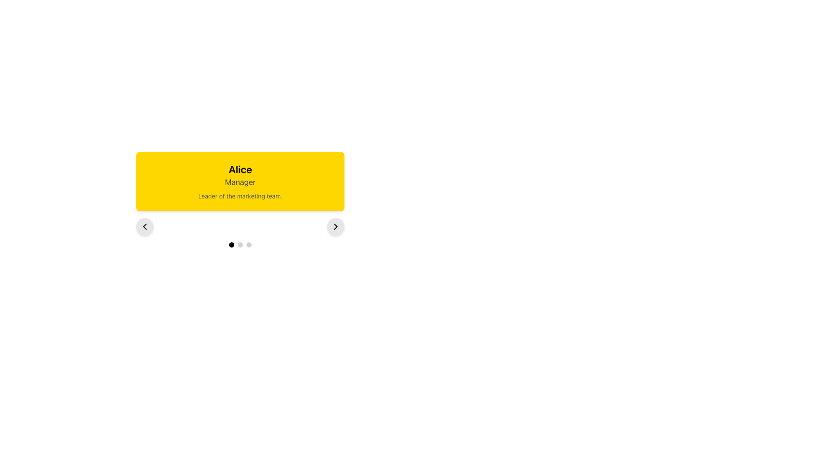  What do you see at coordinates (335, 226) in the screenshot?
I see `the circular button containing the rightward-facing chevron icon` at bounding box center [335, 226].